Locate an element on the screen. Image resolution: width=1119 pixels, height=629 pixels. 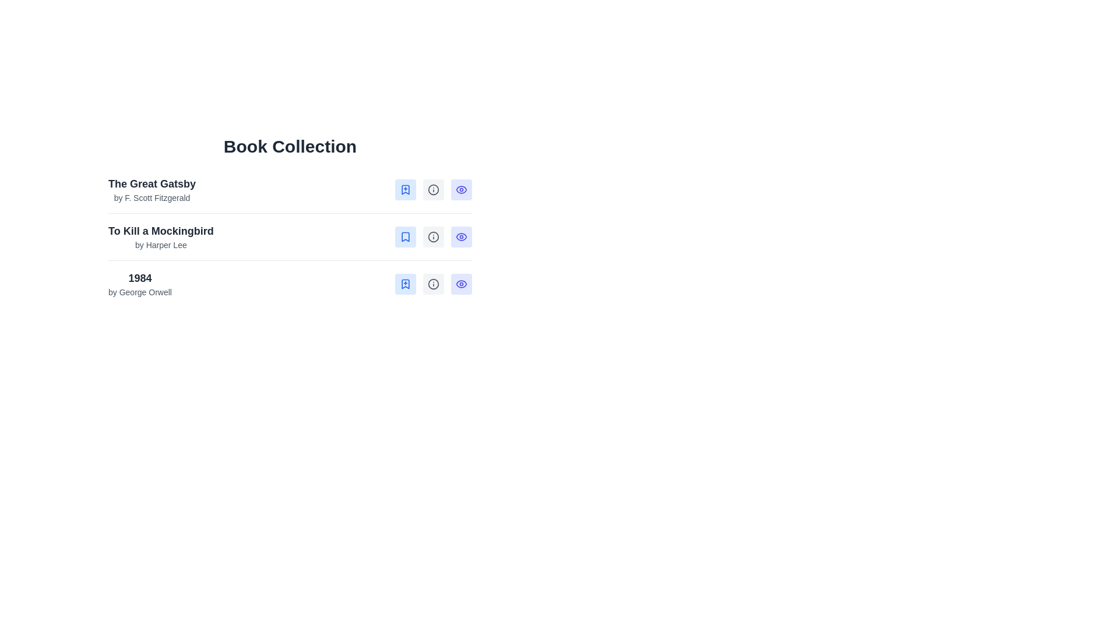
the text label displaying 'by Harper Lee', which is positioned below the title 'To Kill a Mockingbird' in the 'Book Collection' list is located at coordinates (160, 244).